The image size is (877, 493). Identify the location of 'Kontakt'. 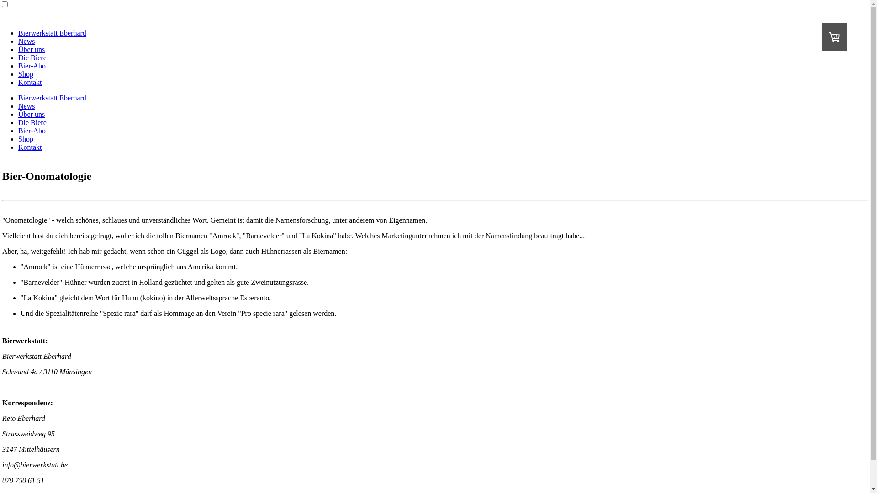
(30, 82).